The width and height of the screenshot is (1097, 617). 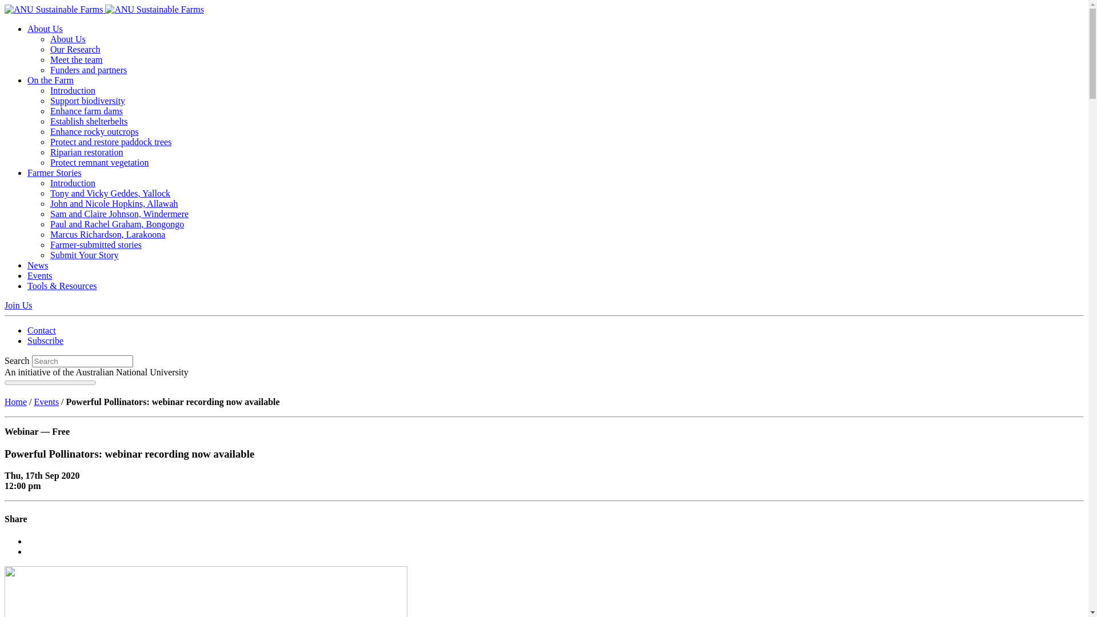 I want to click on 'Submit Your Story', so click(x=84, y=254).